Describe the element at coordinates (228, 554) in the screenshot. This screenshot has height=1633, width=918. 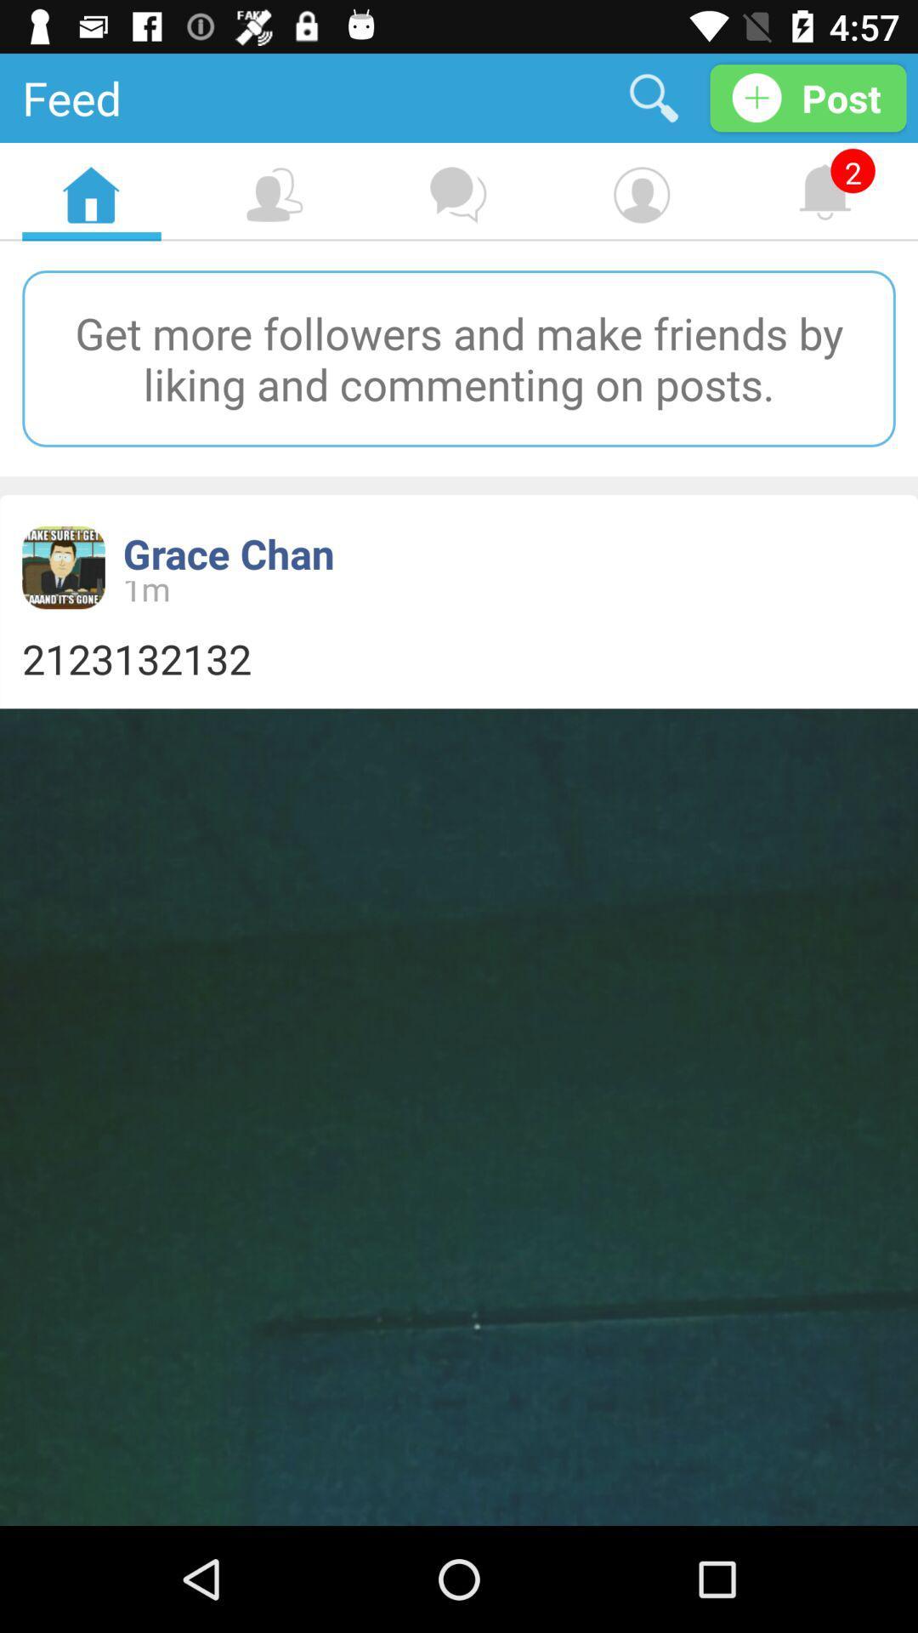
I see `grace chan` at that location.